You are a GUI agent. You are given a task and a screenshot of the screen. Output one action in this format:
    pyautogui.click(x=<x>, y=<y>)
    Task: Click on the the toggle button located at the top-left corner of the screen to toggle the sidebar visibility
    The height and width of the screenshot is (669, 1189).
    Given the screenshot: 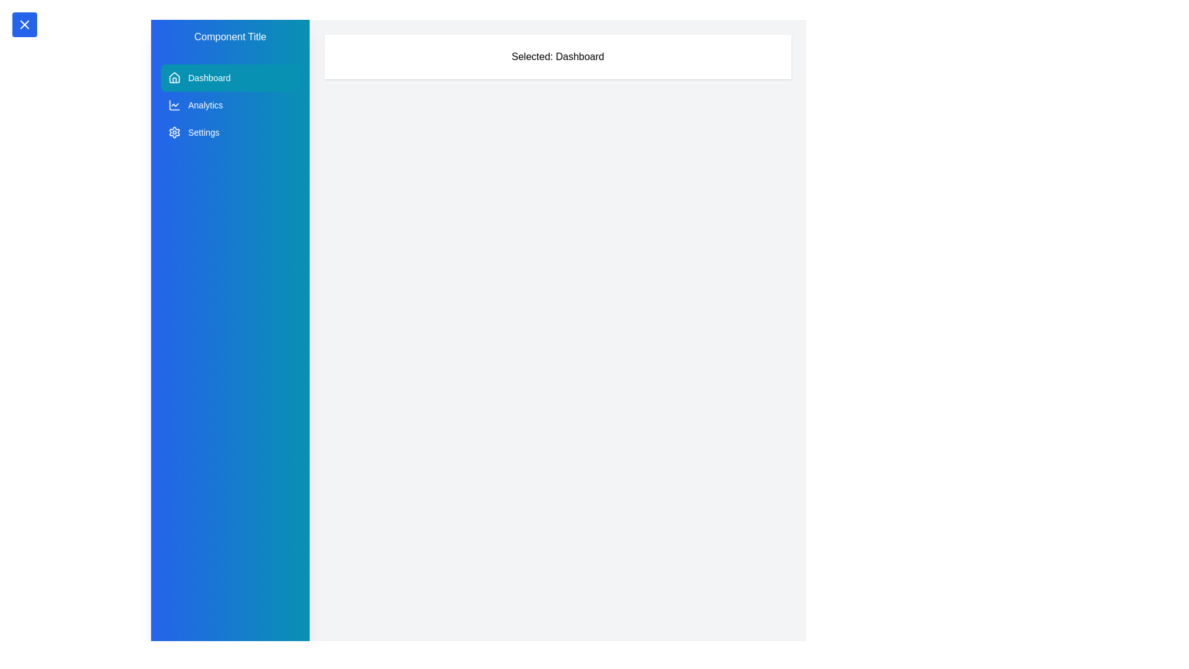 What is the action you would take?
    pyautogui.click(x=24, y=24)
    